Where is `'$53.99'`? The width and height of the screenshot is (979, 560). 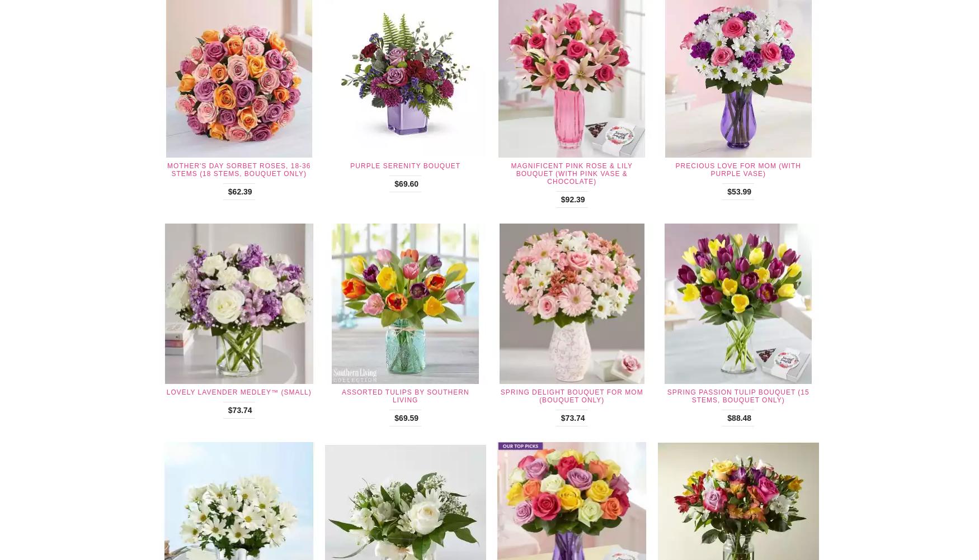 '$53.99' is located at coordinates (739, 191).